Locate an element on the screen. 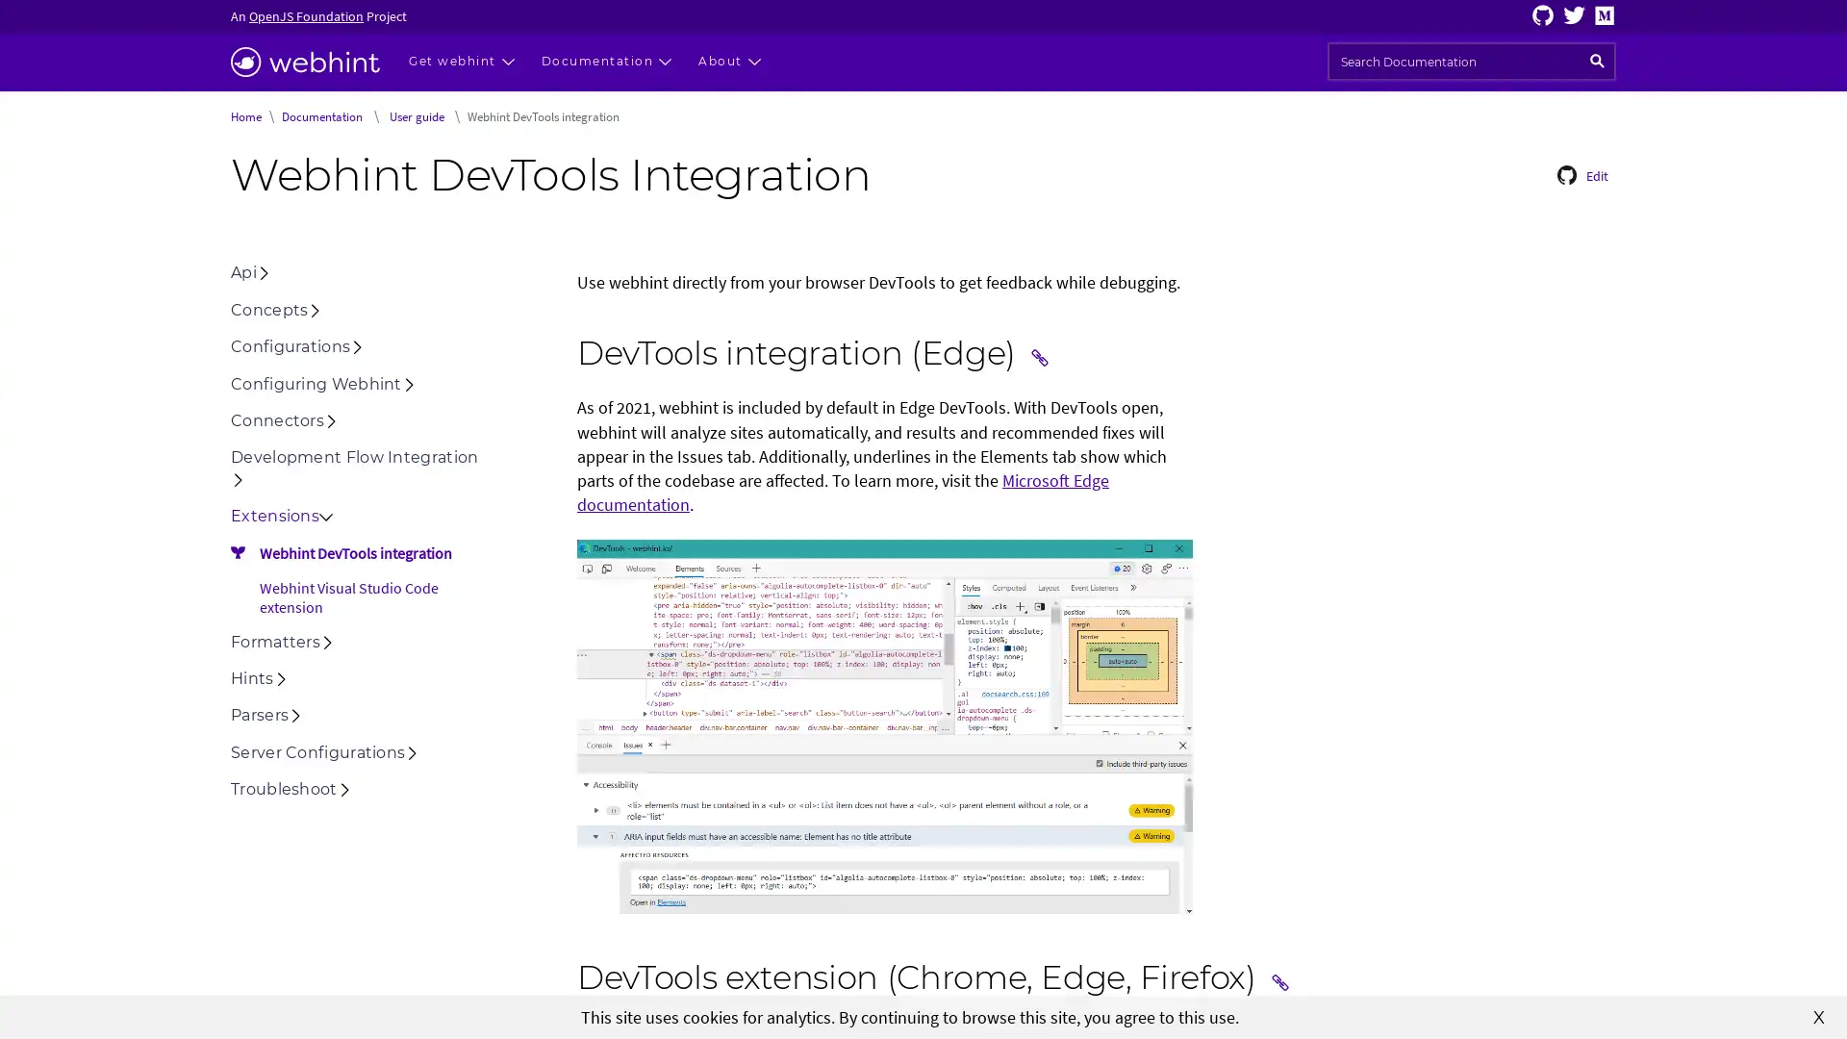 The height and width of the screenshot is (1039, 1847). search is located at coordinates (1597, 61).